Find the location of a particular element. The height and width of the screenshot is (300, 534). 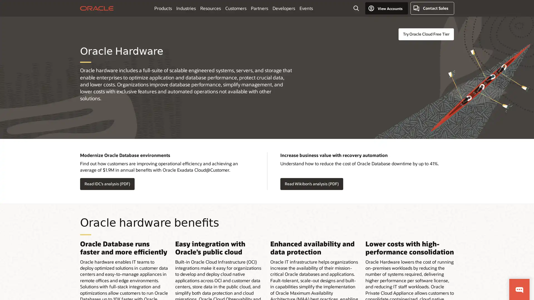

Products is located at coordinates (162, 8).